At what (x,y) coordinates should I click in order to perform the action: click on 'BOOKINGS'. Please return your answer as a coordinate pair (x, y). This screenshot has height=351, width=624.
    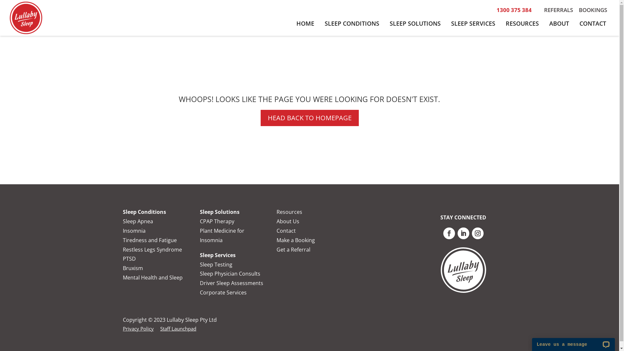
    Looking at the image, I should click on (593, 10).